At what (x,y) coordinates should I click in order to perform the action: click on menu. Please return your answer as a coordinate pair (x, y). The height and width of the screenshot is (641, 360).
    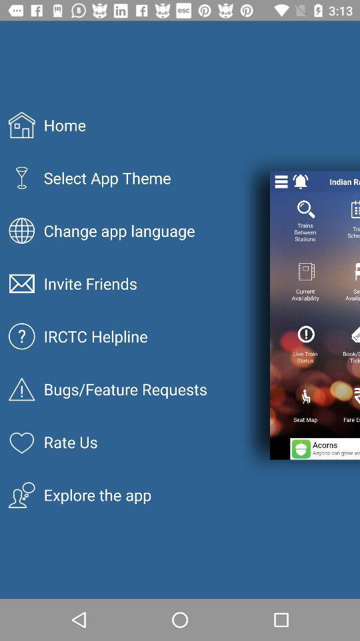
    Looking at the image, I should click on (281, 181).